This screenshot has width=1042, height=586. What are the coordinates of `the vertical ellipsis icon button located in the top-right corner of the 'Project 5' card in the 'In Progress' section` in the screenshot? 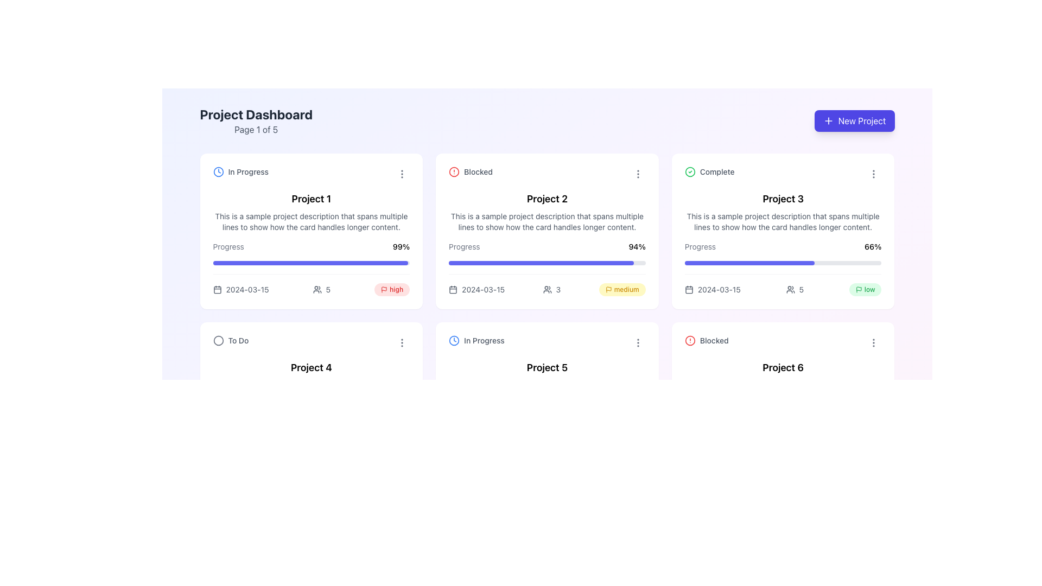 It's located at (638, 343).